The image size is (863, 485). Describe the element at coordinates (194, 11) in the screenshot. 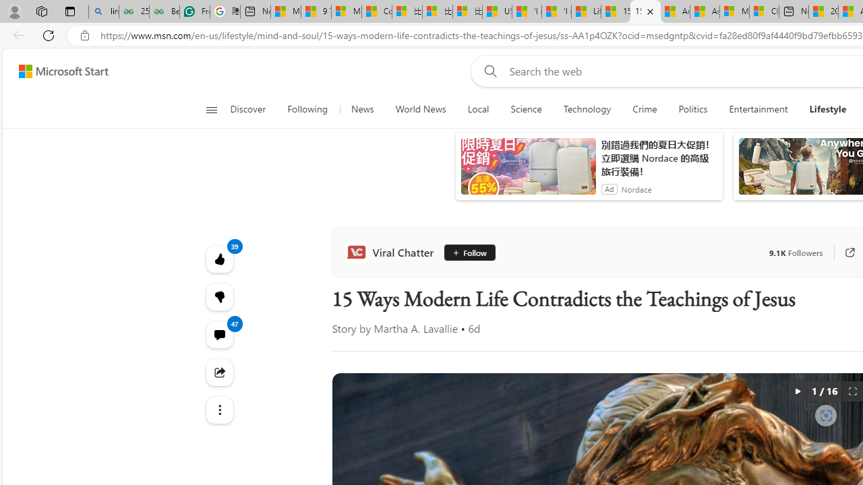

I see `'Free AI Writing Assistance for Students | Grammarly'` at that location.